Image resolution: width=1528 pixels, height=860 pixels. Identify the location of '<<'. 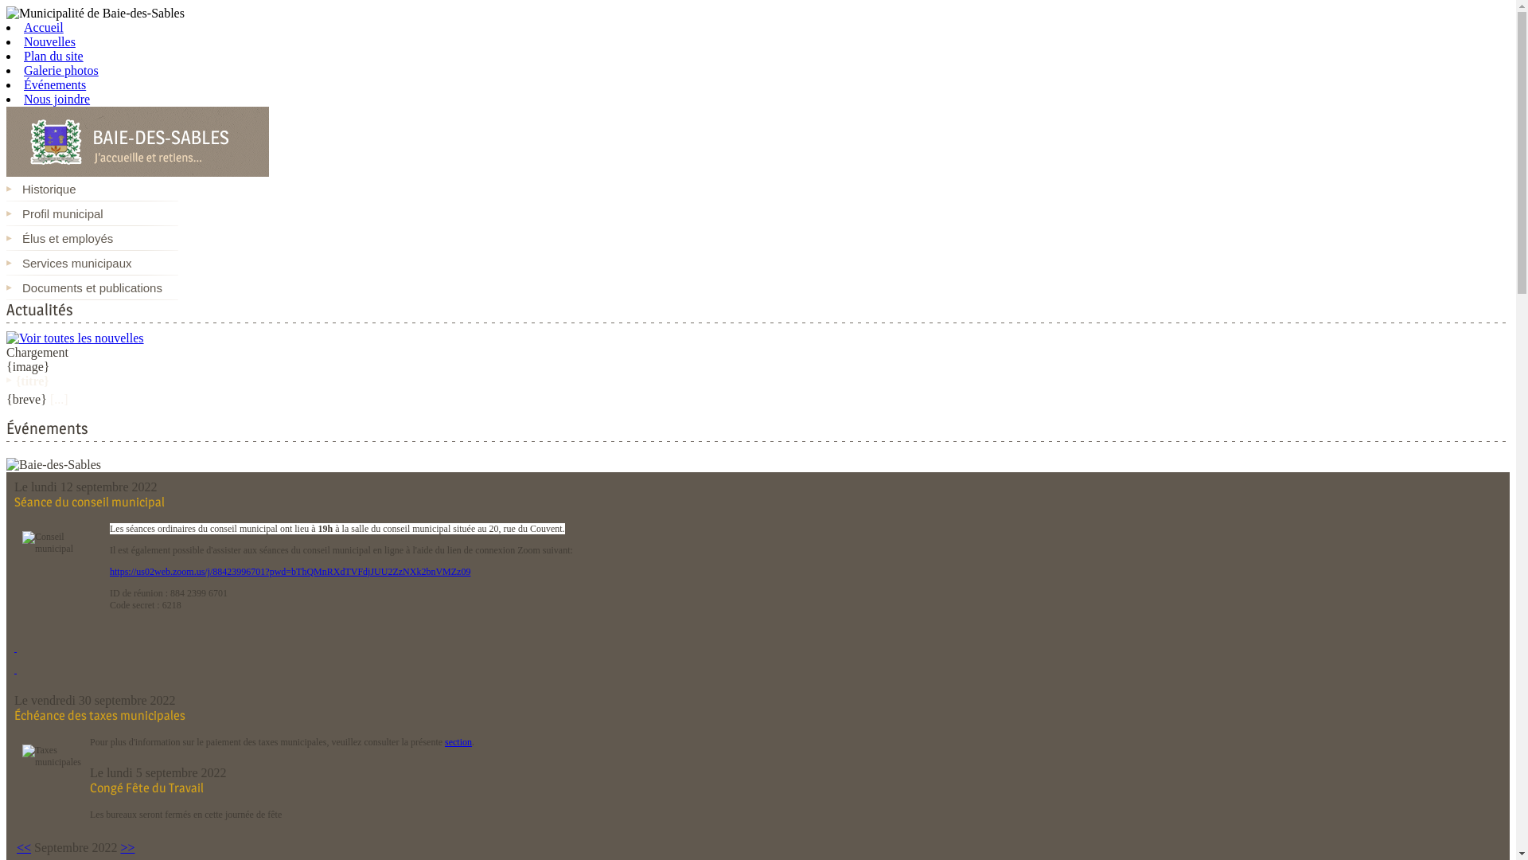
(16, 846).